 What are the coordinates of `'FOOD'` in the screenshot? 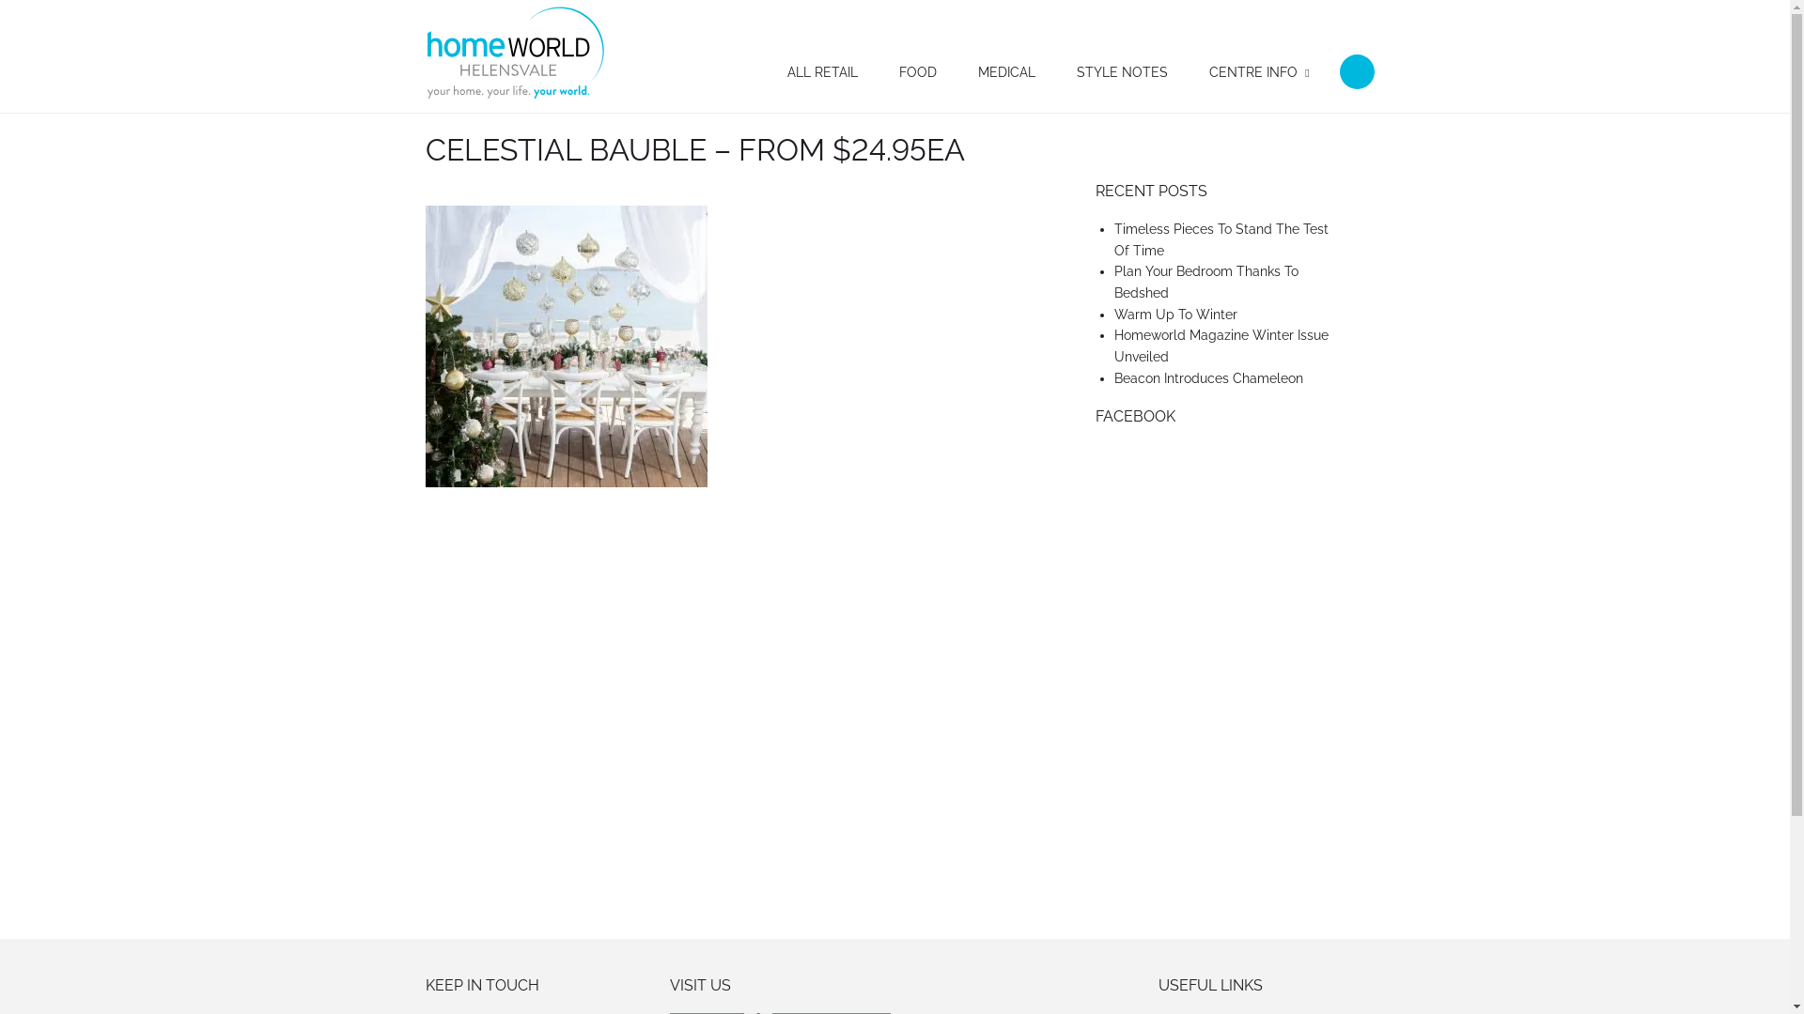 It's located at (916, 71).